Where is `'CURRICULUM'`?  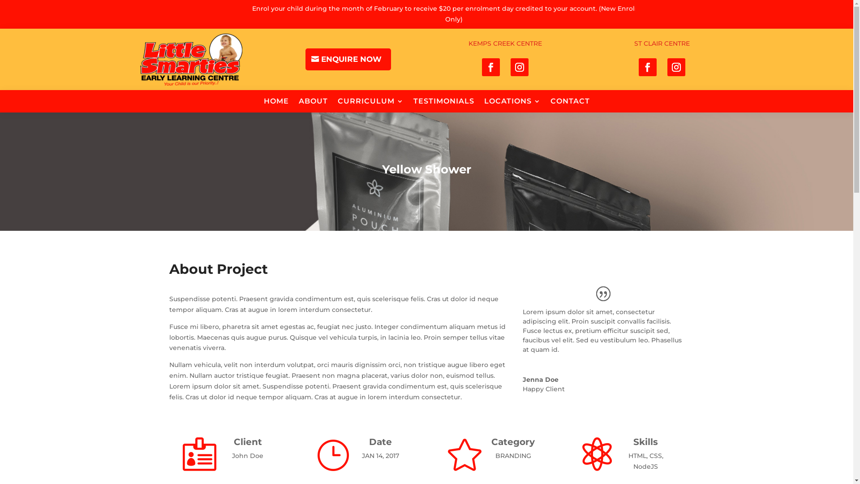
'CURRICULUM' is located at coordinates (370, 103).